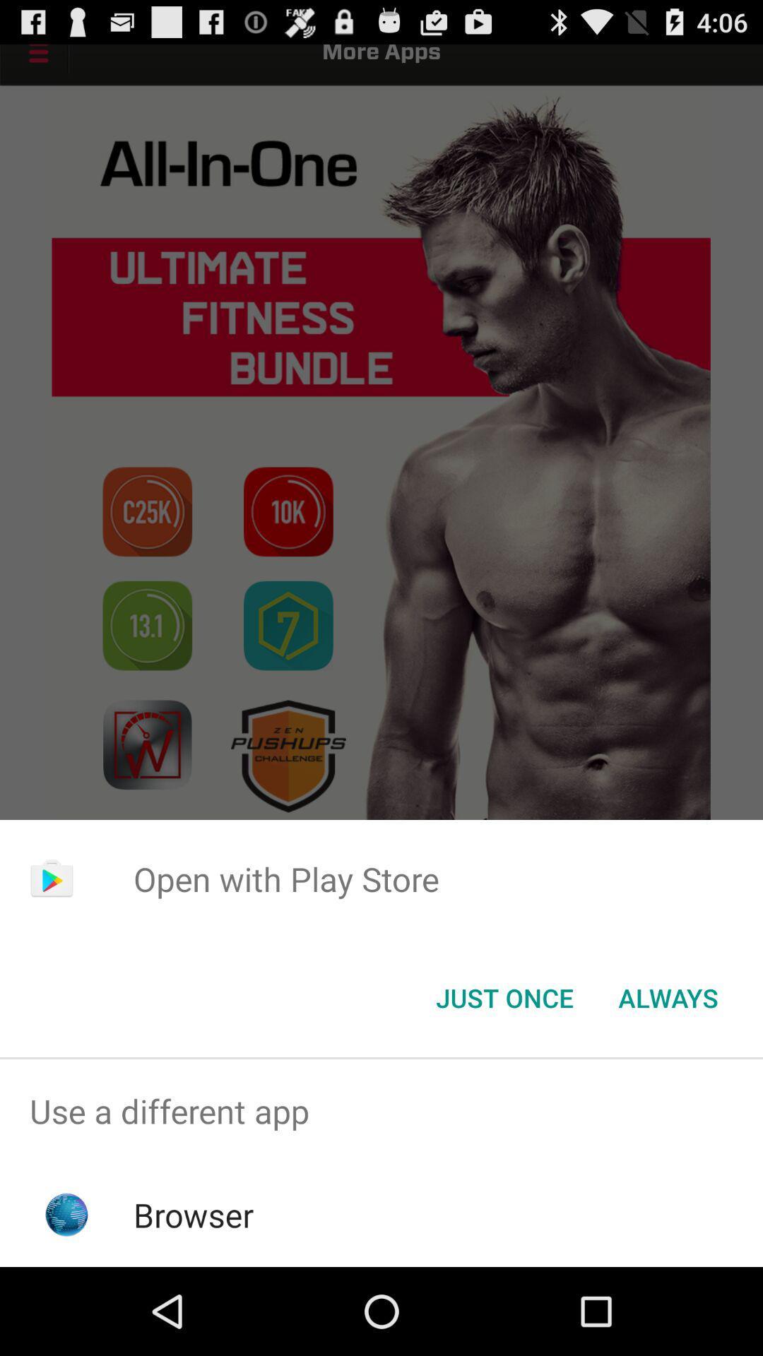 This screenshot has height=1356, width=763. Describe the element at coordinates (504, 997) in the screenshot. I see `button to the left of always icon` at that location.